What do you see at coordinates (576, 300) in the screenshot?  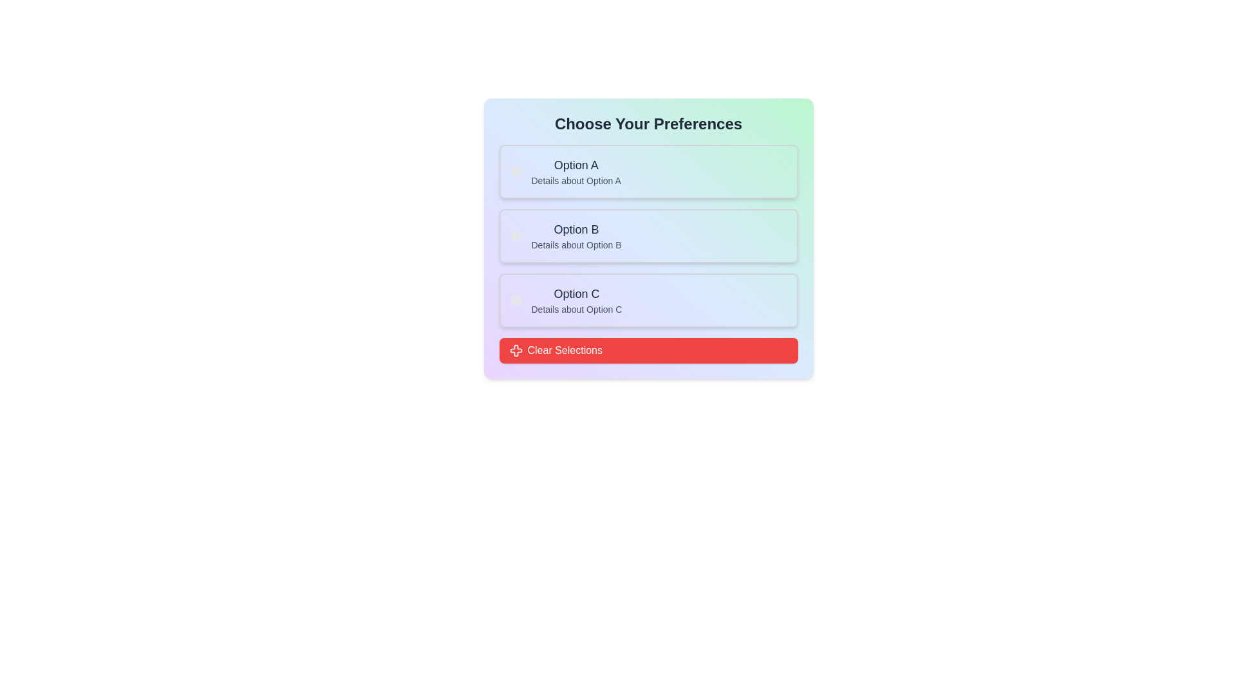 I see `text from the Text block labeled 'Option C', which is the third option in a vertically stacked list, located towards the bottom-middle of the interface` at bounding box center [576, 300].